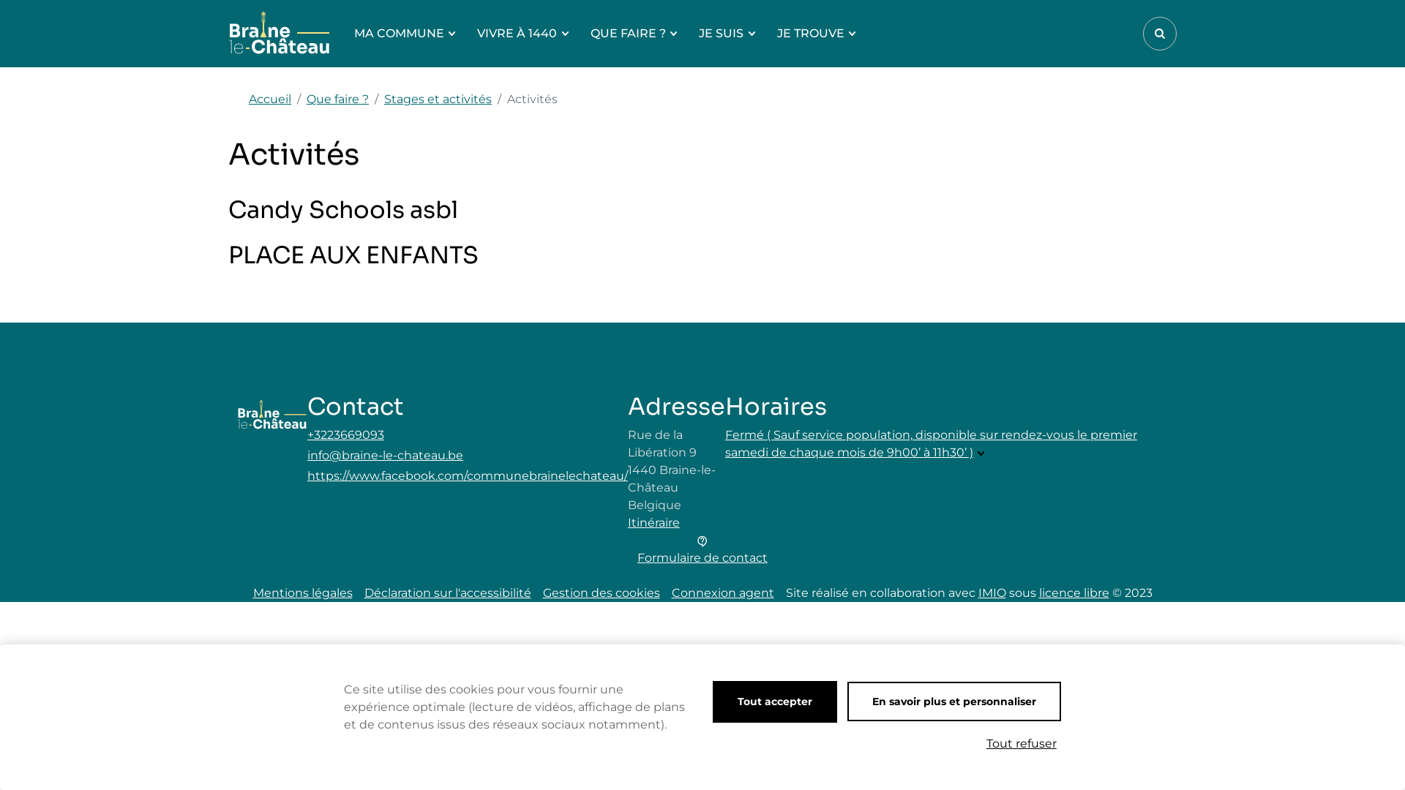 The image size is (1405, 790). Describe the element at coordinates (1074, 592) in the screenshot. I see `'licence libre'` at that location.